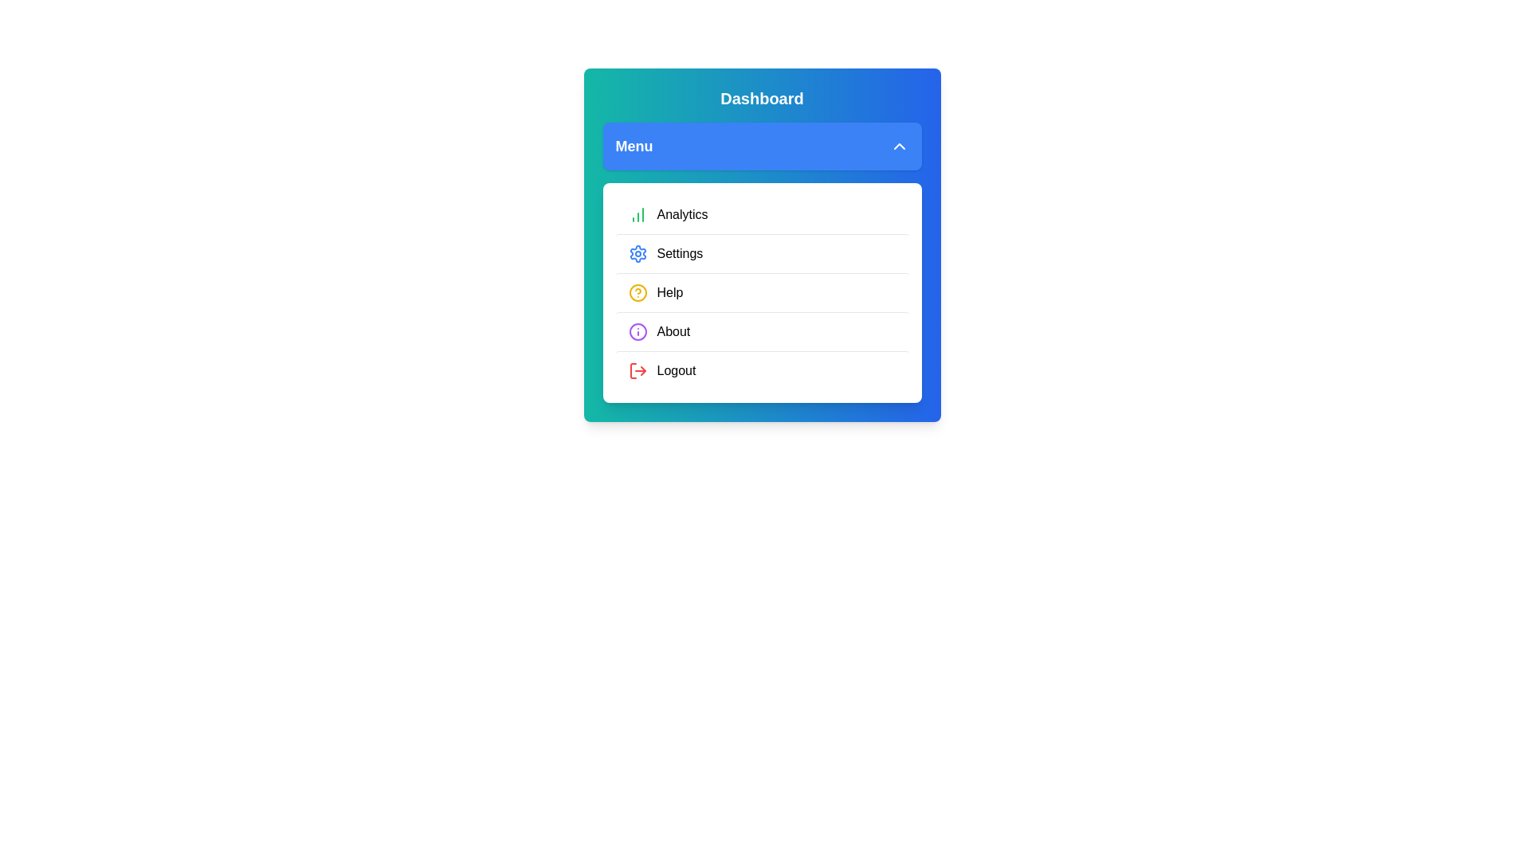 This screenshot has height=860, width=1530. I want to click on the 'Settings' list entry, which is the second row in a vertically stacked list of options, so click(761, 252).